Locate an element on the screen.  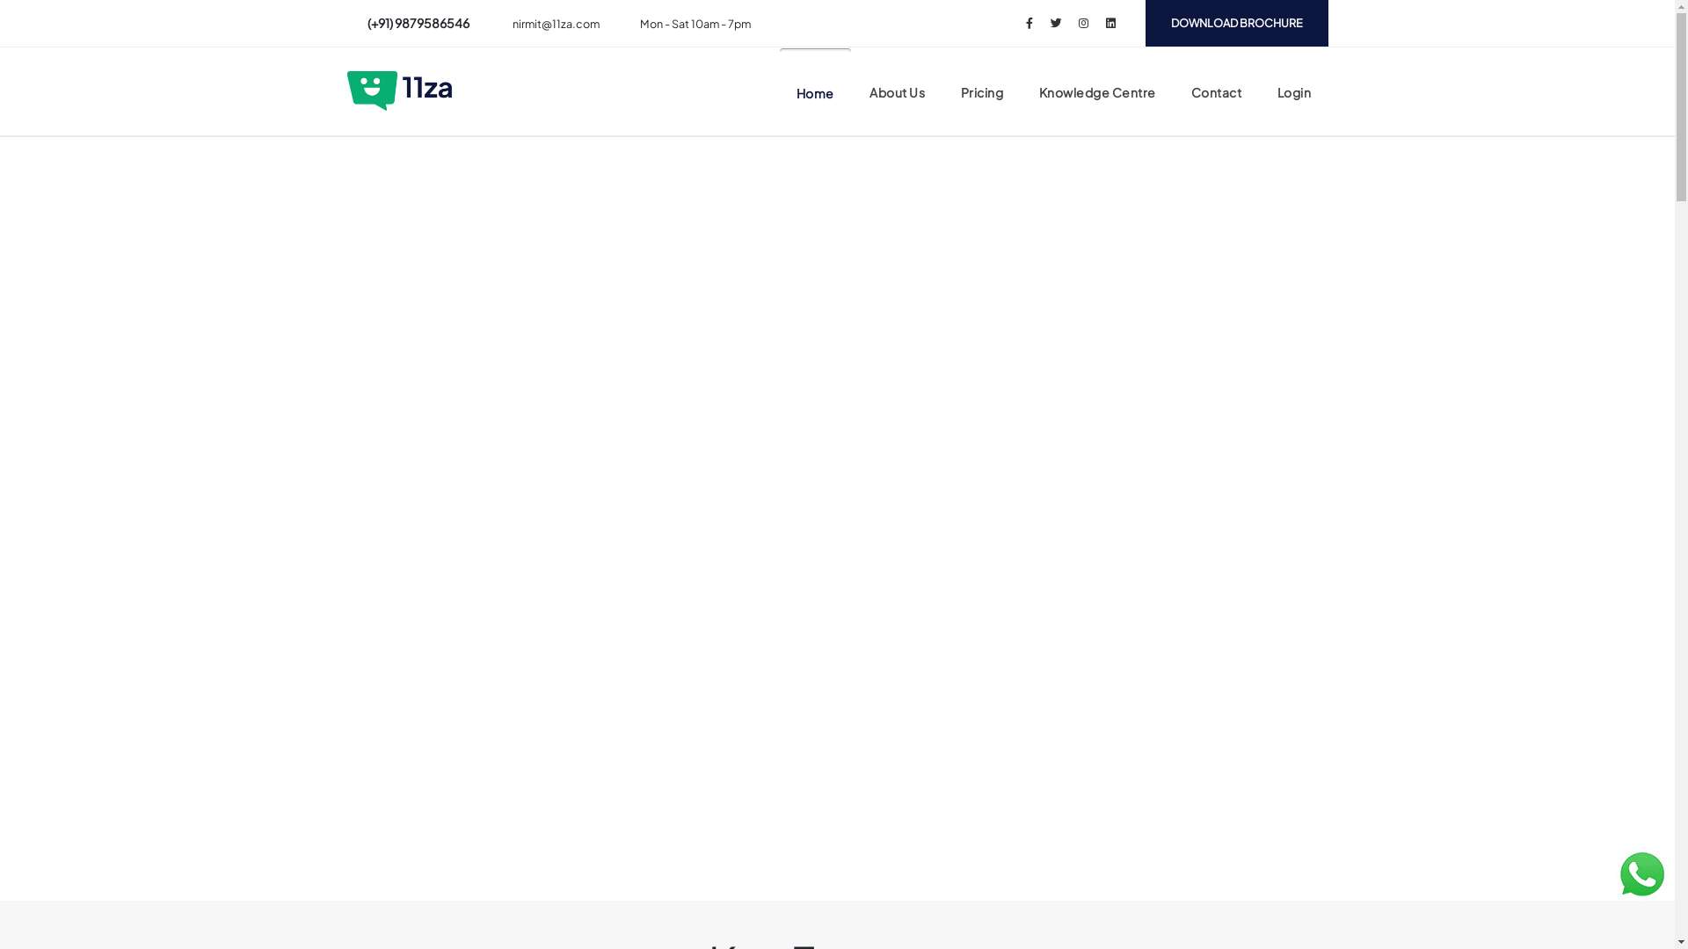
'Home' is located at coordinates (814, 91).